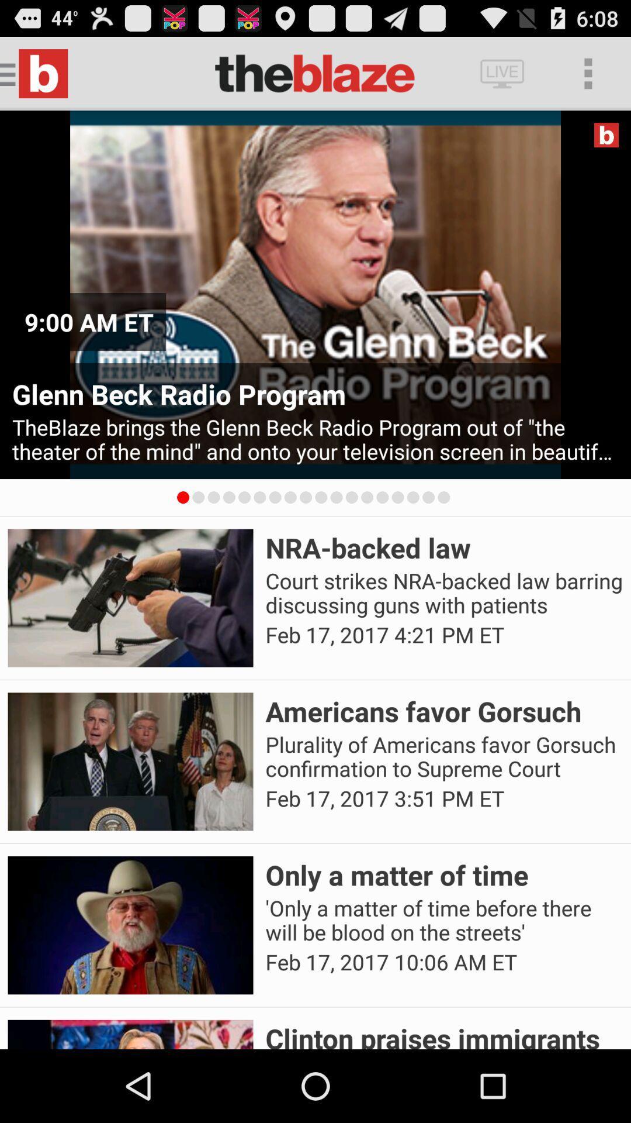 Image resolution: width=631 pixels, height=1123 pixels. What do you see at coordinates (444, 1034) in the screenshot?
I see `icon below feb 17 2017 icon` at bounding box center [444, 1034].